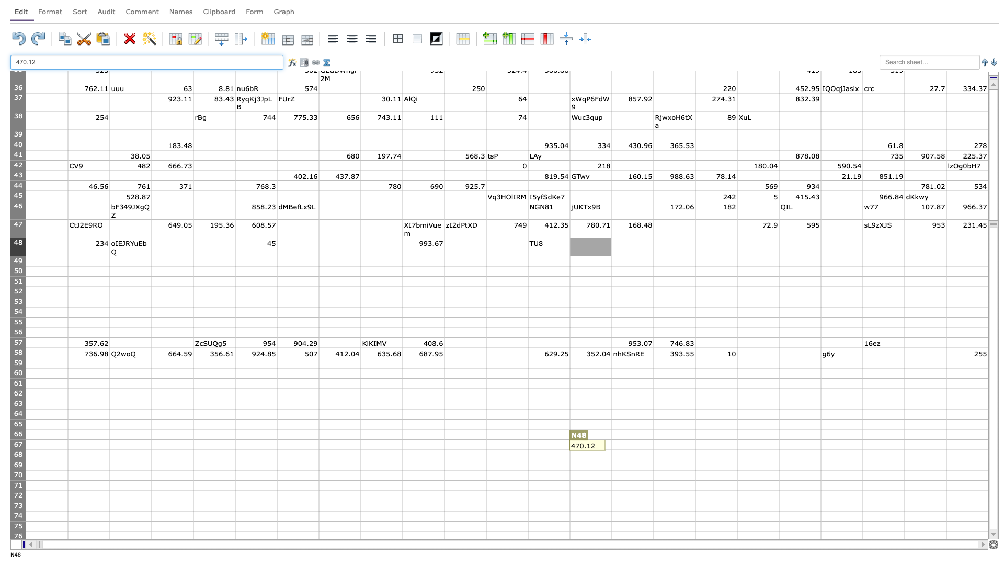  What do you see at coordinates (653, 459) in the screenshot?
I see `Series fill point of cell O68` at bounding box center [653, 459].